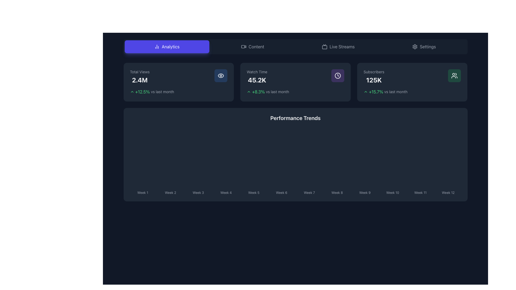 This screenshot has height=290, width=516. Describe the element at coordinates (162, 92) in the screenshot. I see `the static text label located to the right of the percentage change text ('+12.5%') in the top-left card of the dashboard interface` at that location.